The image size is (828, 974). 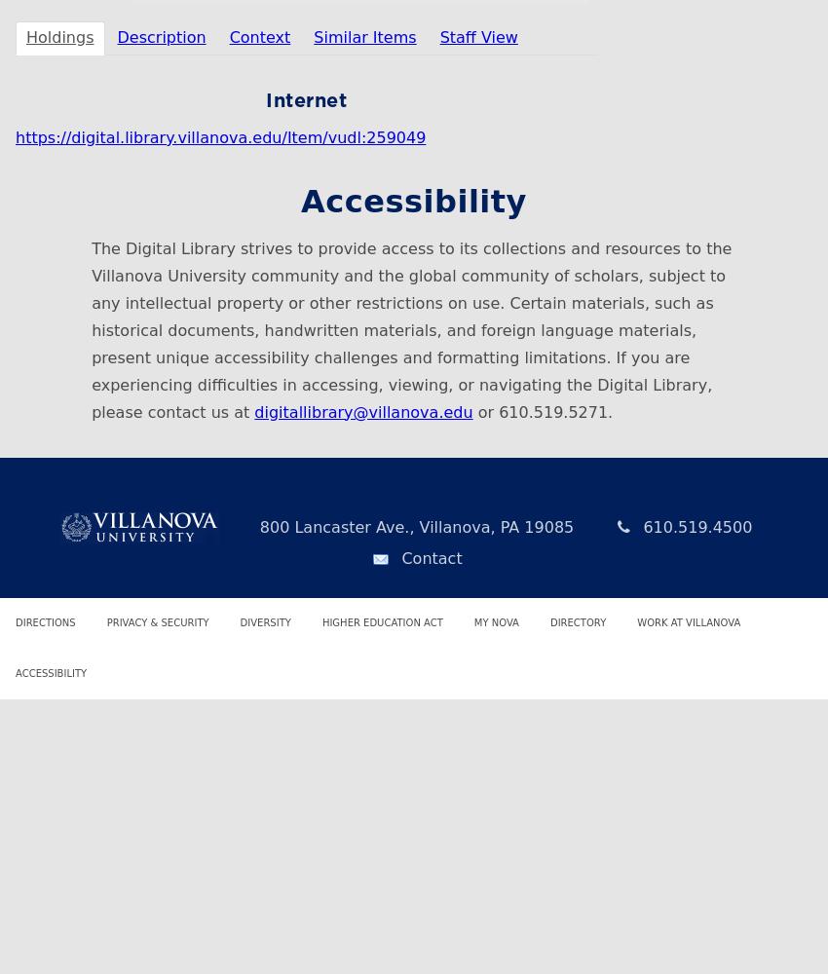 What do you see at coordinates (14, 621) in the screenshot?
I see `'Directions'` at bounding box center [14, 621].